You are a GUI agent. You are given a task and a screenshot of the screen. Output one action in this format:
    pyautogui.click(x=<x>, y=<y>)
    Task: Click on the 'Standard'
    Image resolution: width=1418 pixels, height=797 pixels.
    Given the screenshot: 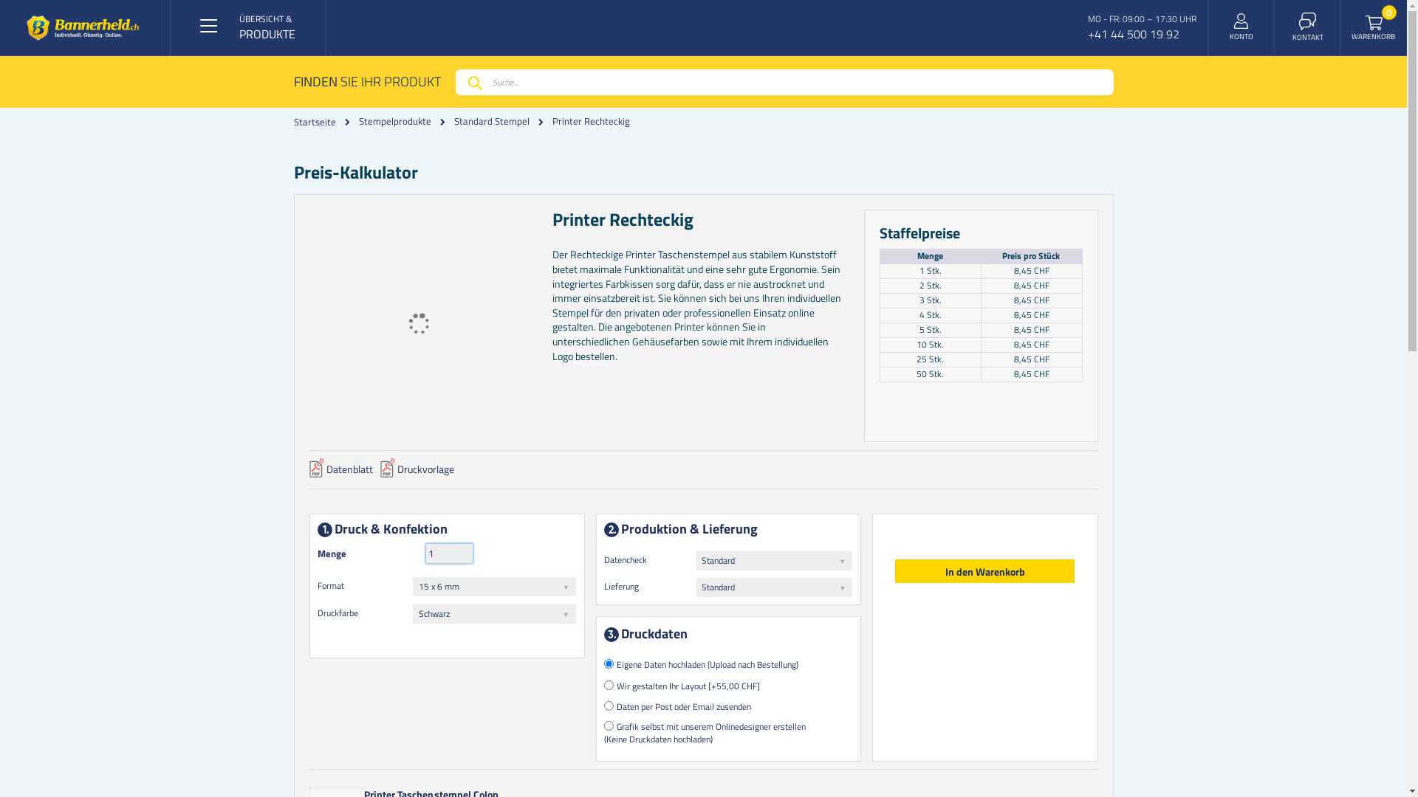 What is the action you would take?
    pyautogui.click(x=773, y=560)
    